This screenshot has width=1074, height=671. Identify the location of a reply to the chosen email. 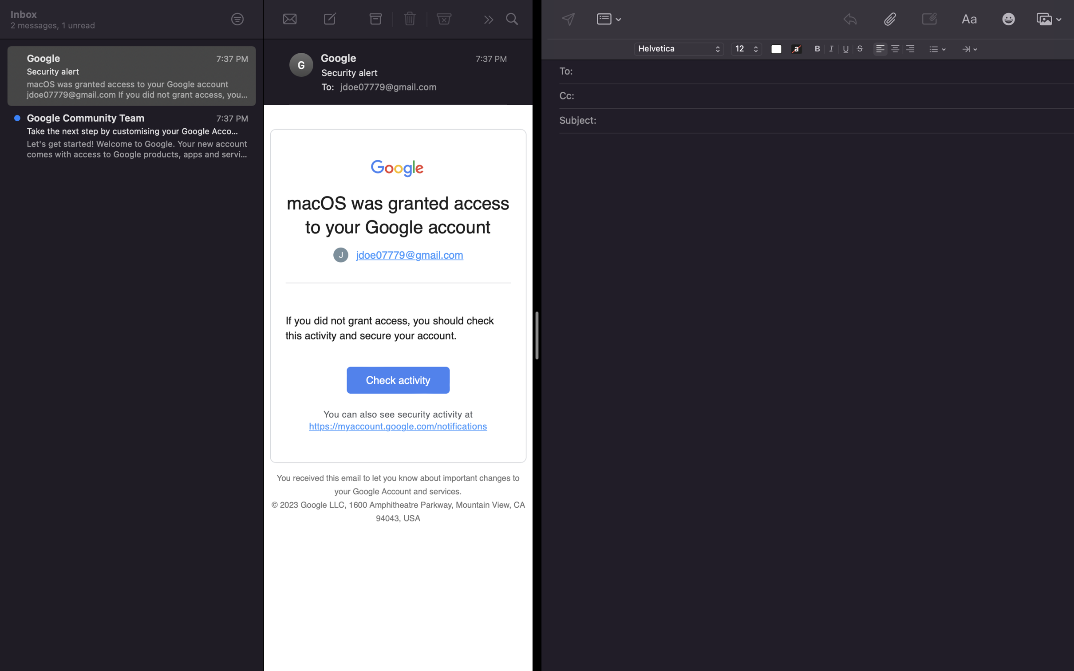
(486, 20).